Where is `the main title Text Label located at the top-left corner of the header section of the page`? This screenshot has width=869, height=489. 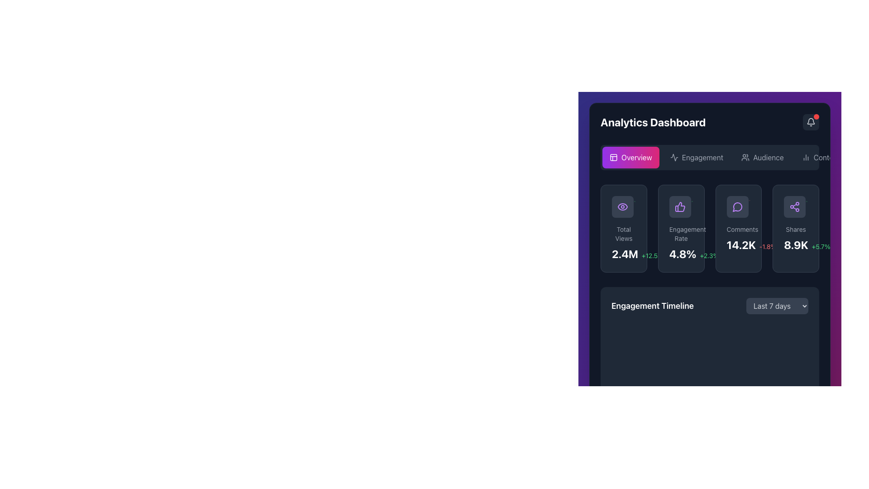
the main title Text Label located at the top-left corner of the header section of the page is located at coordinates (653, 122).